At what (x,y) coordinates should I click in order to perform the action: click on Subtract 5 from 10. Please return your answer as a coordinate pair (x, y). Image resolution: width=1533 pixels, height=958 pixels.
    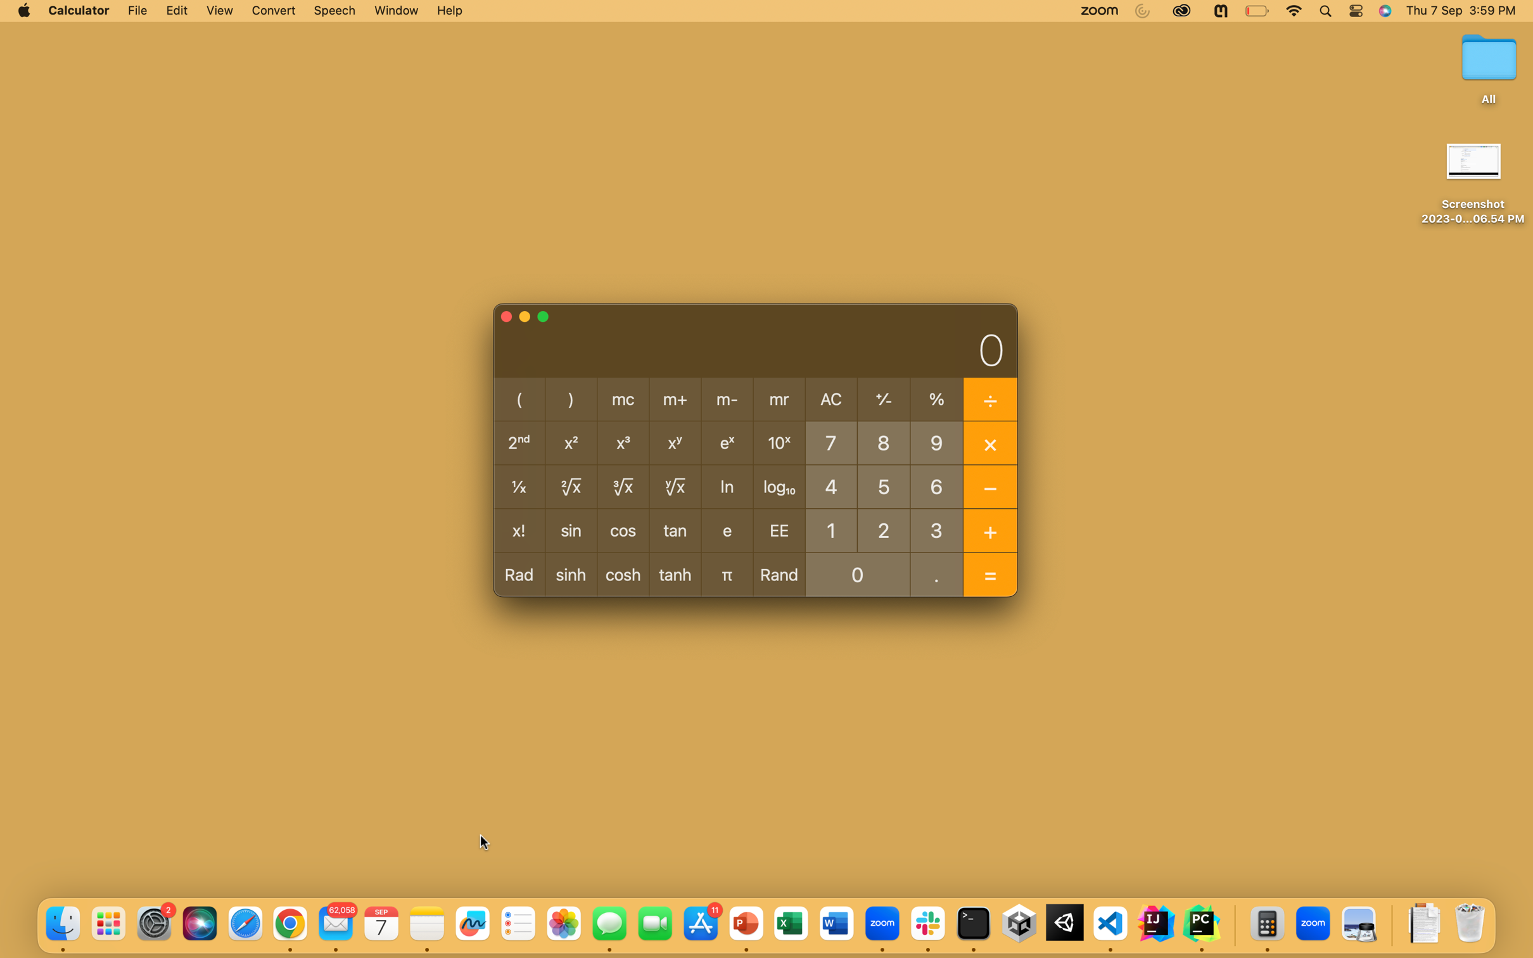
    Looking at the image, I should click on (830, 529).